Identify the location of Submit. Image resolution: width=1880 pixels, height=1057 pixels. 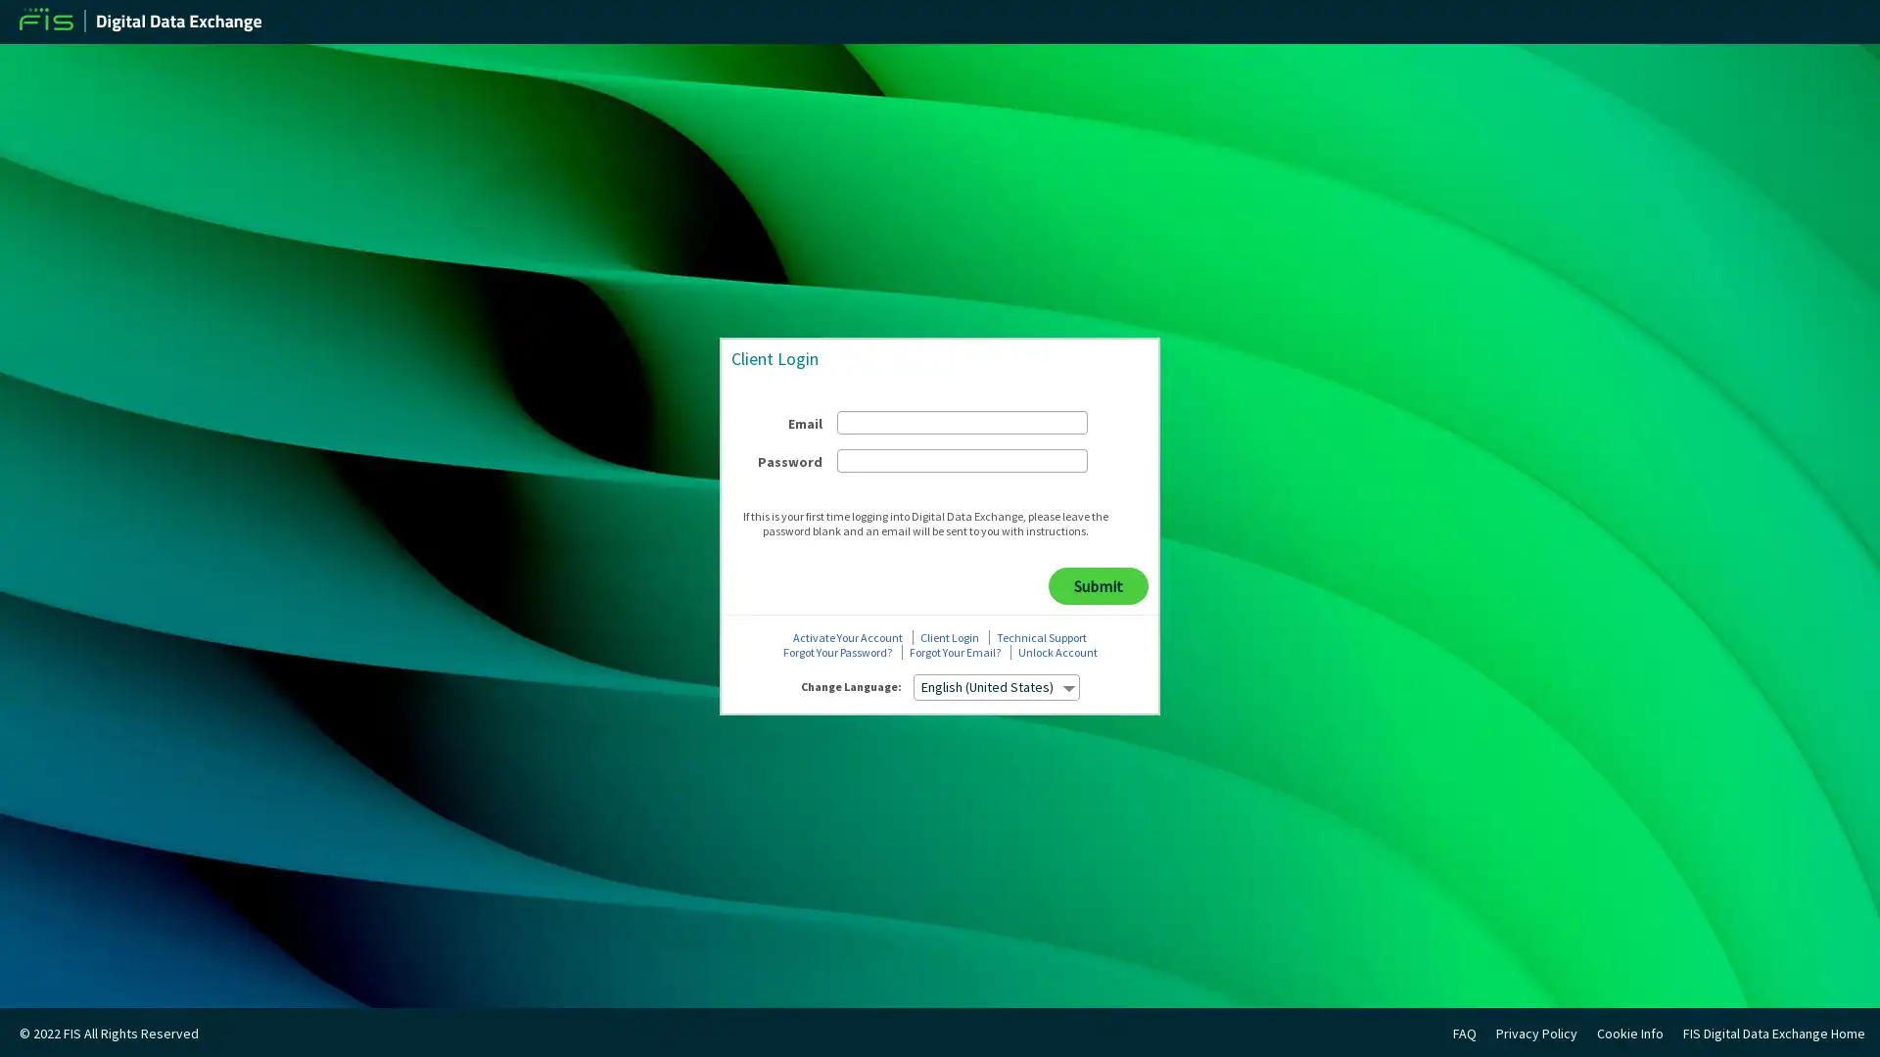
(1099, 583).